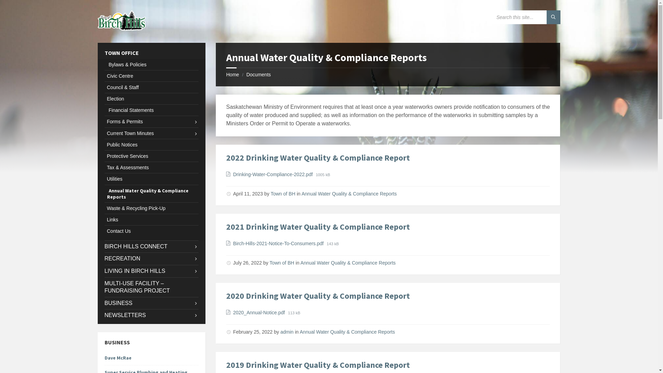 This screenshot has height=373, width=663. What do you see at coordinates (151, 156) in the screenshot?
I see `'Protective Services'` at bounding box center [151, 156].